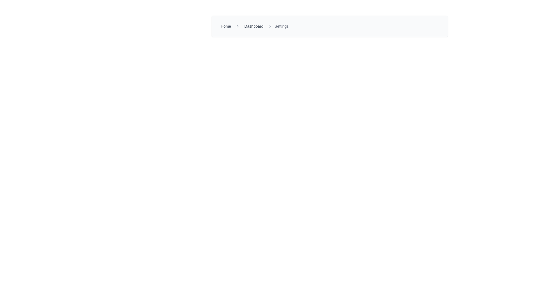  I want to click on the second clickable link in the breadcrumb navigation bar, so click(253, 26).